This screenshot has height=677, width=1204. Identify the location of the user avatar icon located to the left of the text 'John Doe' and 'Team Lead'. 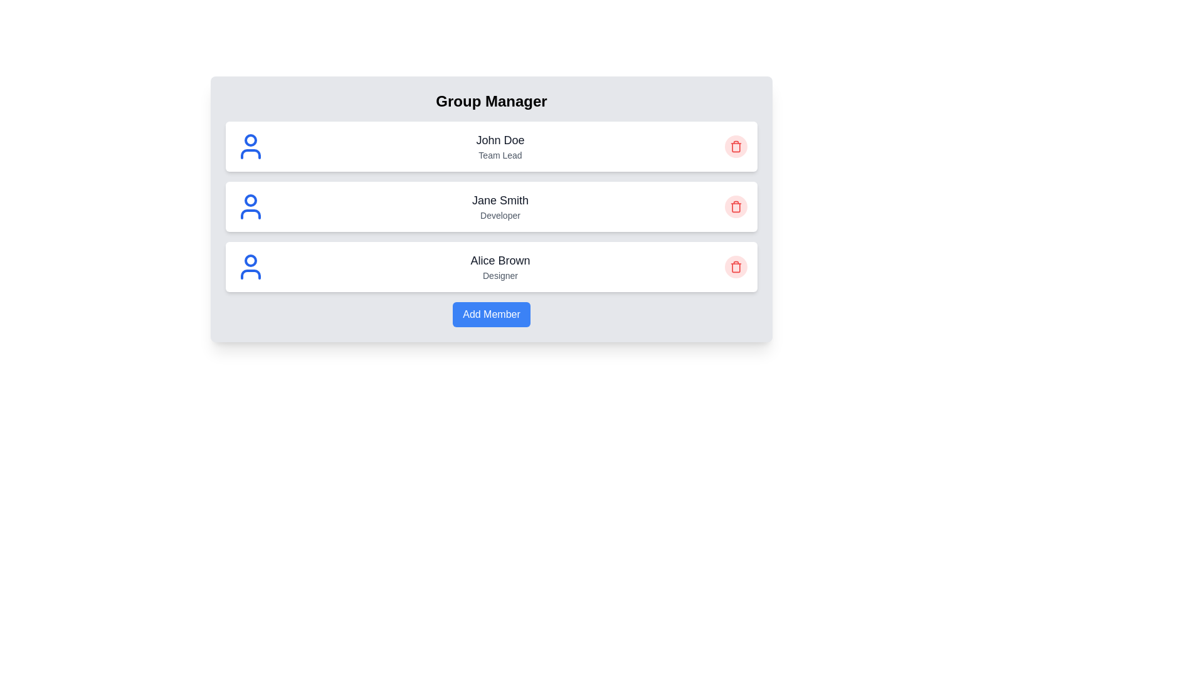
(250, 146).